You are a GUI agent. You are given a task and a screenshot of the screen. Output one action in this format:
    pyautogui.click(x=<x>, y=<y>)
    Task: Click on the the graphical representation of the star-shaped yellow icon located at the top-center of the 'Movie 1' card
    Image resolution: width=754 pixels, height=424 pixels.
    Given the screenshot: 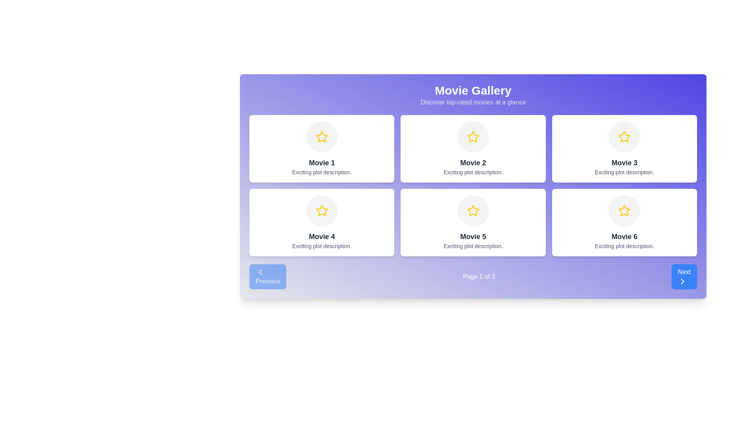 What is the action you would take?
    pyautogui.click(x=322, y=136)
    